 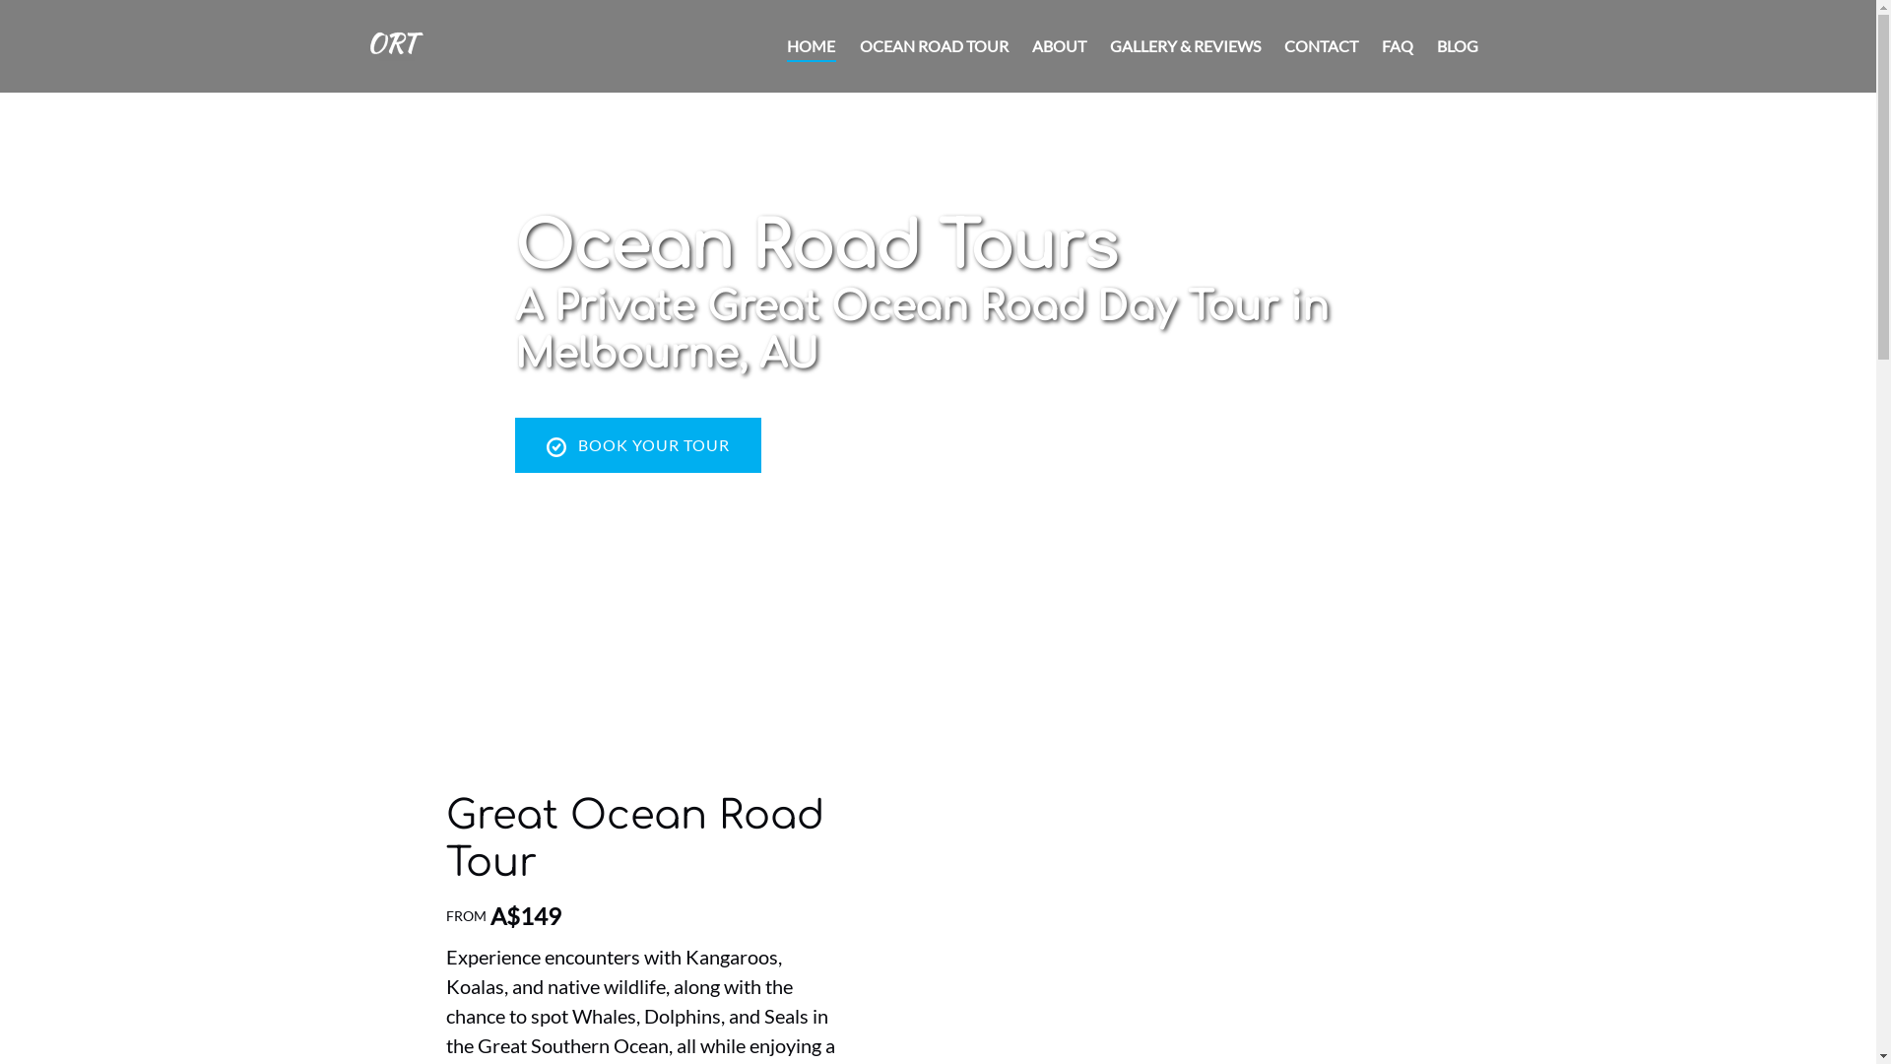 What do you see at coordinates (812, 44) in the screenshot?
I see `'HOME'` at bounding box center [812, 44].